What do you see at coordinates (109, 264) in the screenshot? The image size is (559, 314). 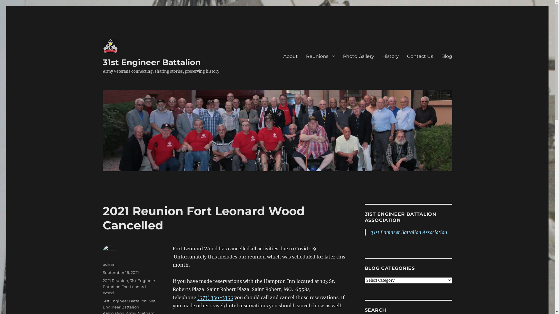 I see `'admin'` at bounding box center [109, 264].